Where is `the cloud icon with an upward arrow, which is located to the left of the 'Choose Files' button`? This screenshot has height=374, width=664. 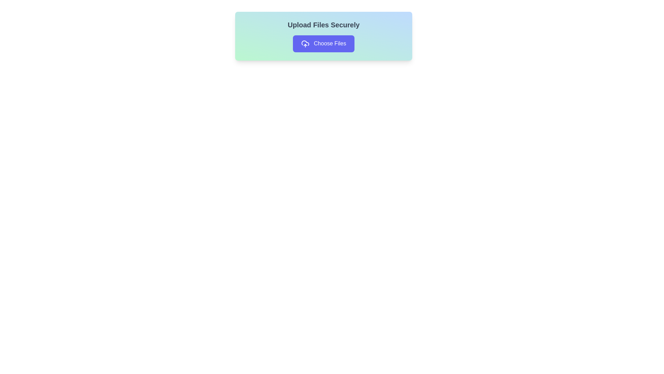 the cloud icon with an upward arrow, which is located to the left of the 'Choose Files' button is located at coordinates (305, 44).